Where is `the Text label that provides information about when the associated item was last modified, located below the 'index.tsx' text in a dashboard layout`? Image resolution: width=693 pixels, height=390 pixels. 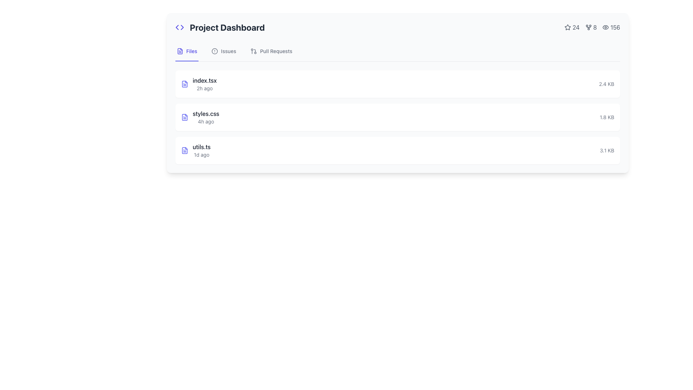
the Text label that provides information about when the associated item was last modified, located below the 'index.tsx' text in a dashboard layout is located at coordinates (204, 88).